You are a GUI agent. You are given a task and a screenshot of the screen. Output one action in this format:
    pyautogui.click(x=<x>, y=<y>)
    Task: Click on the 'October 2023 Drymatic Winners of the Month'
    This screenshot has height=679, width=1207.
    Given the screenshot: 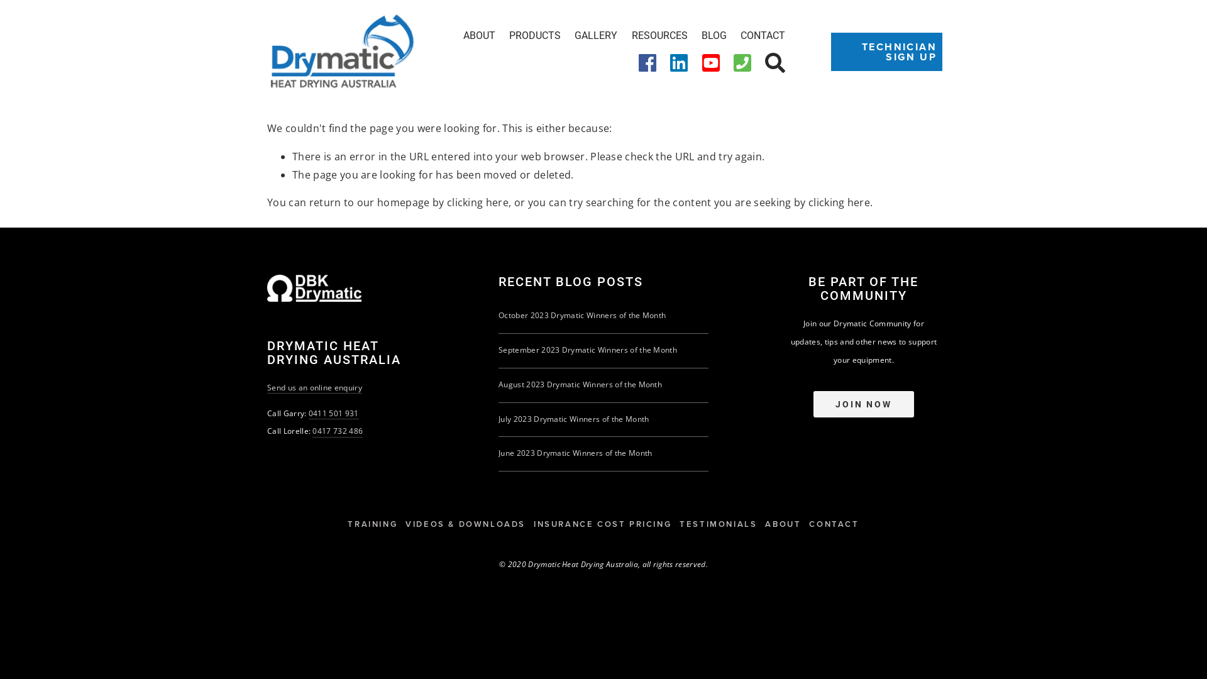 What is the action you would take?
    pyautogui.click(x=581, y=314)
    